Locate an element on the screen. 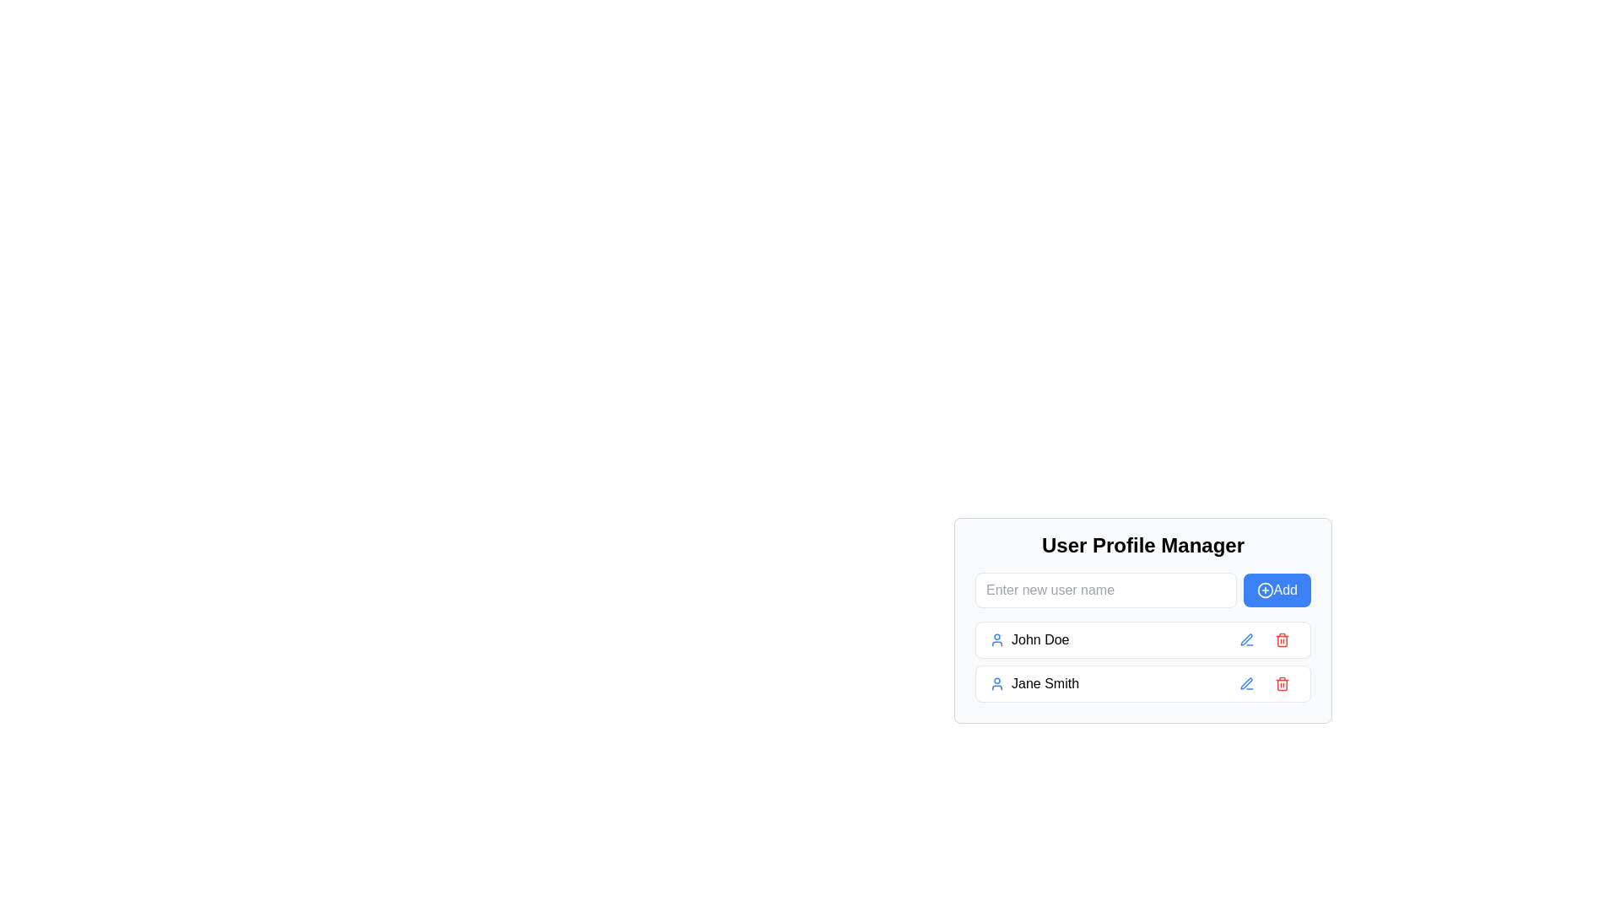 The width and height of the screenshot is (1620, 911). the red trash can icon button is located at coordinates (1282, 683).